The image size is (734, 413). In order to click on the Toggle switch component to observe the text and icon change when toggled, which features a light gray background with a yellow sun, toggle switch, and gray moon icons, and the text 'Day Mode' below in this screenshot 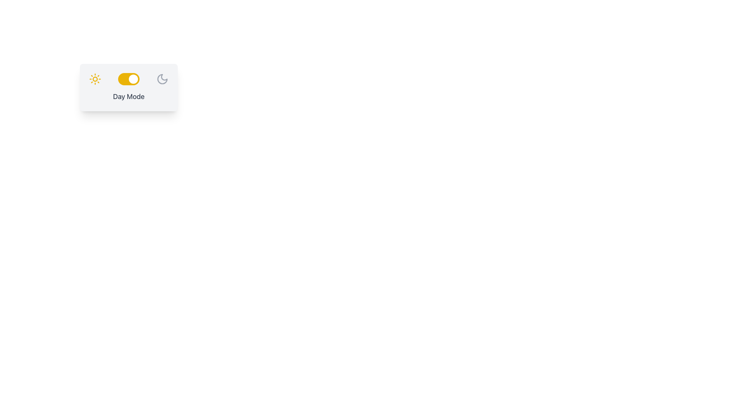, I will do `click(128, 87)`.